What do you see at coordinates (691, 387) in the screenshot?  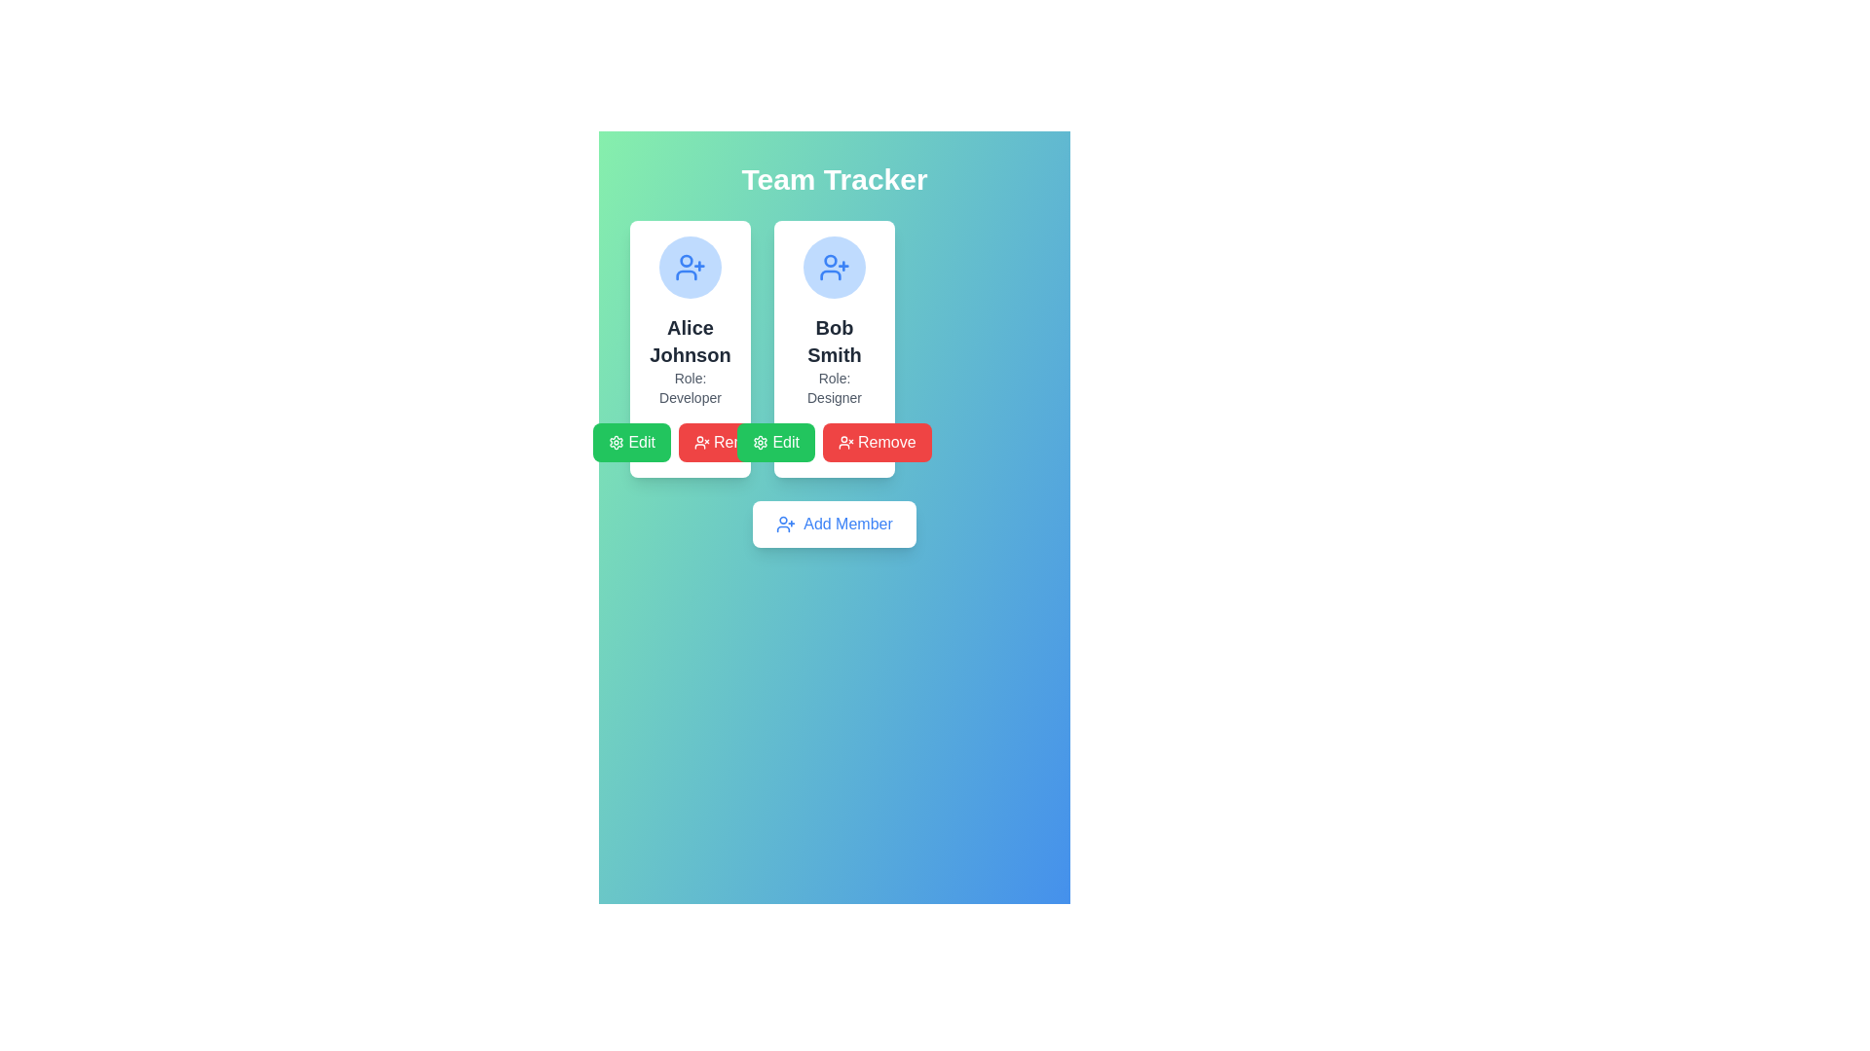 I see `the text display element containing 'Role:' and 'Developer', located below 'Alice Johnson' and above the buttons section` at bounding box center [691, 387].